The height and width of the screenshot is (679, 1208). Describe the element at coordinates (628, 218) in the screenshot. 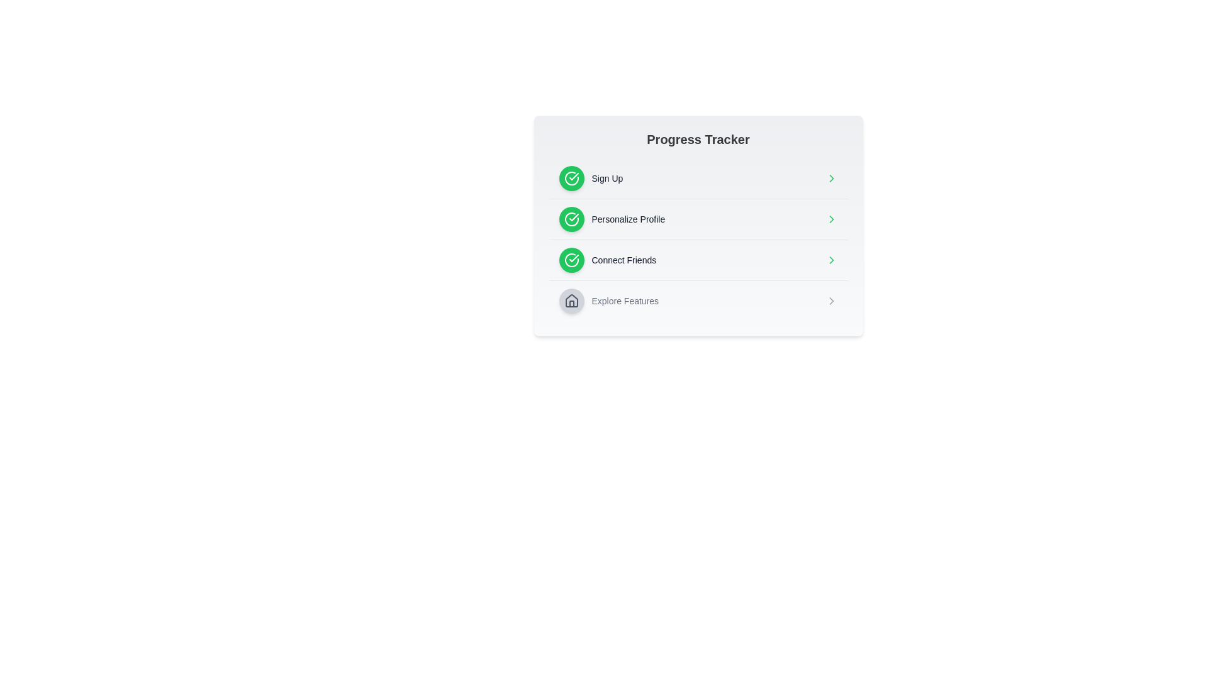

I see `the 'Personalize Profile' text label, which is a dark-gray colored text under the green checkmark icon in the Progress Tracker interface` at that location.